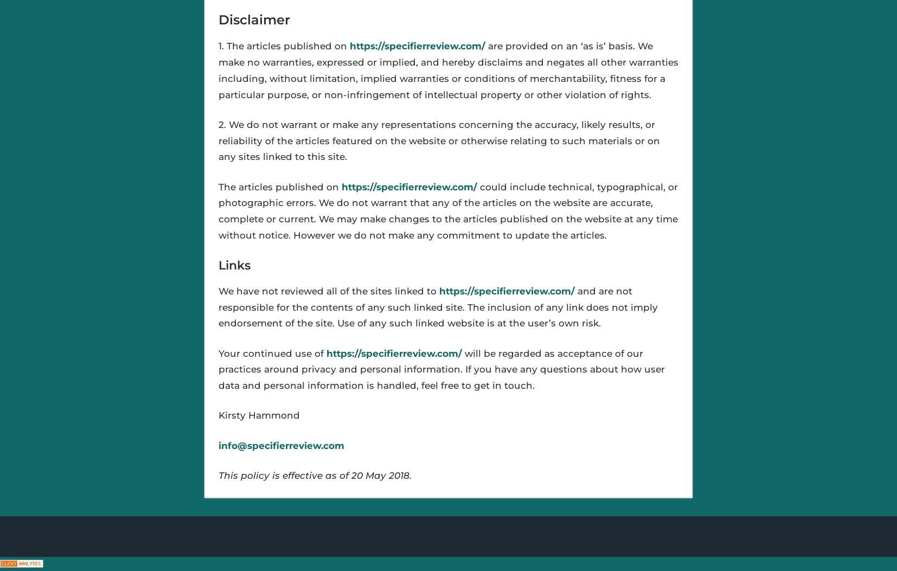 This screenshot has height=571, width=897. What do you see at coordinates (328, 290) in the screenshot?
I see `'We have not reviewed all of the sites linked to'` at bounding box center [328, 290].